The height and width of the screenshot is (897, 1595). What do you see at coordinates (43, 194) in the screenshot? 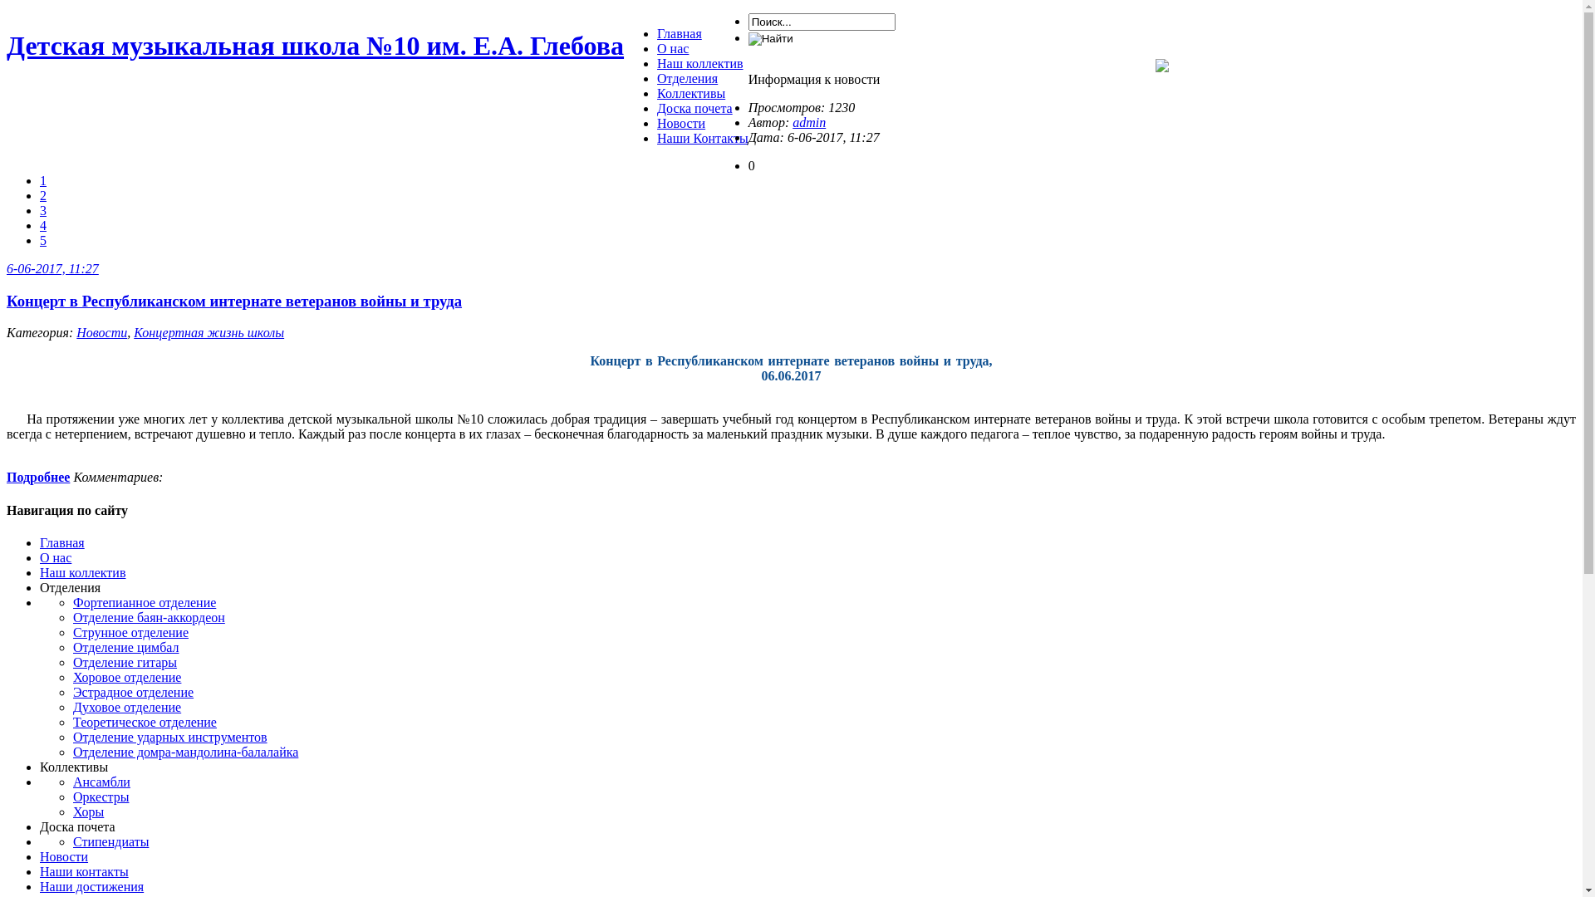
I see `'2'` at bounding box center [43, 194].